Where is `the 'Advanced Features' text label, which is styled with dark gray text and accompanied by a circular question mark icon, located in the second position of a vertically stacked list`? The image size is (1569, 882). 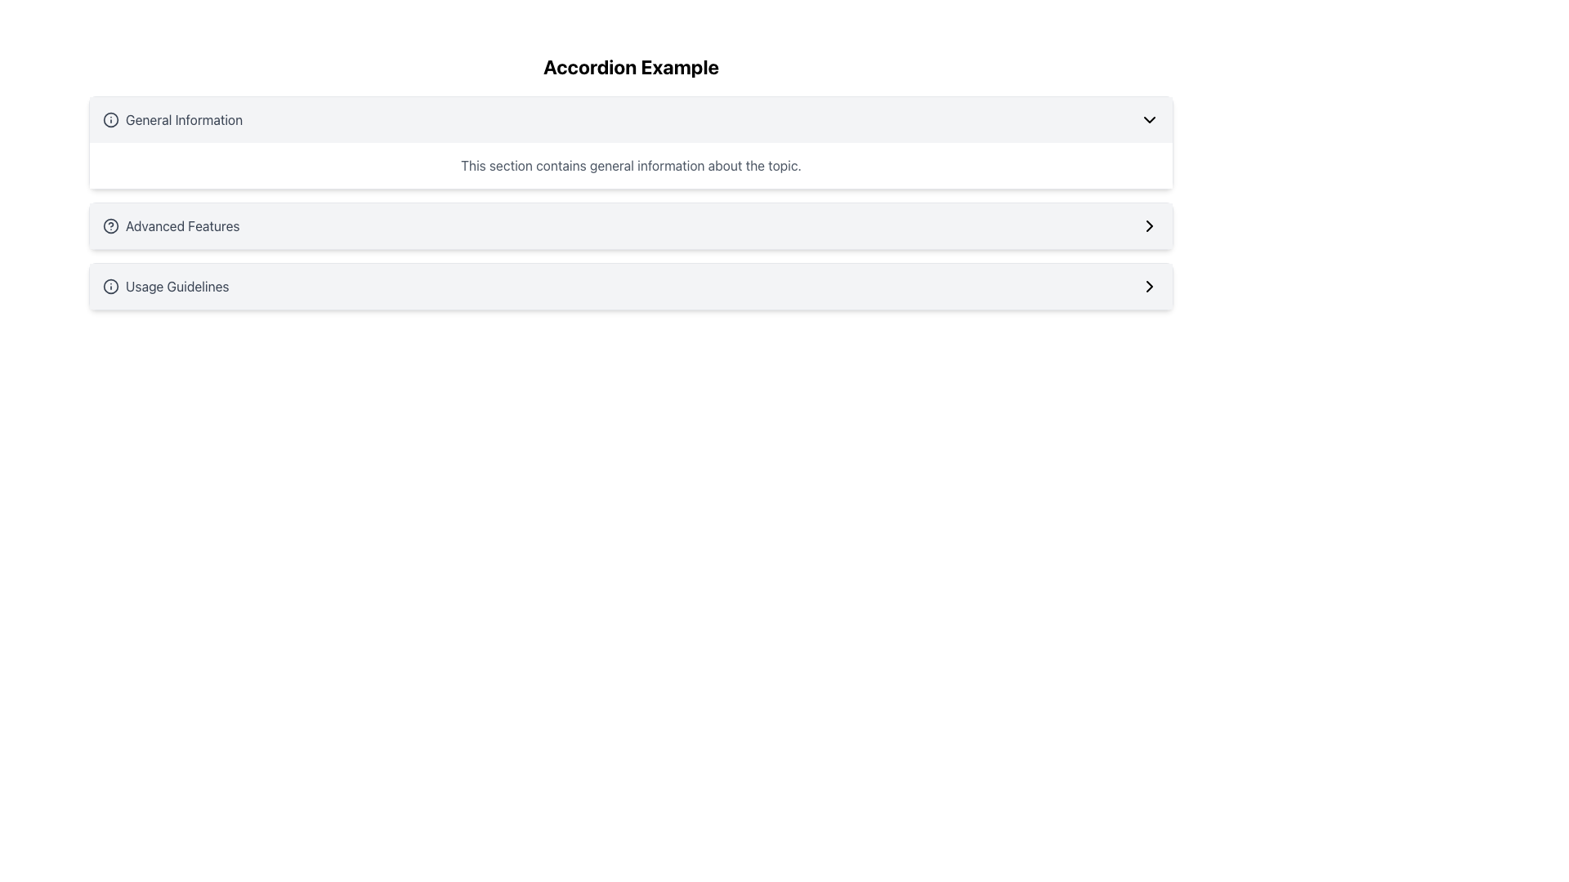
the 'Advanced Features' text label, which is styled with dark gray text and accompanied by a circular question mark icon, located in the second position of a vertically stacked list is located at coordinates (171, 226).